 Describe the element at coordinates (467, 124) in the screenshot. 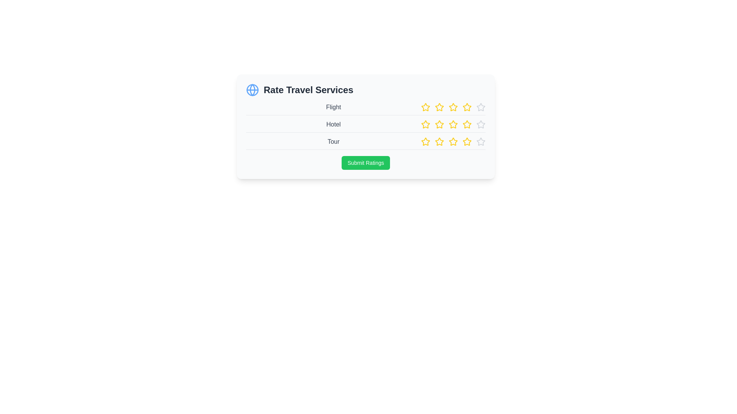

I see `the fifth Clickable Star Icon in the rating mechanism for the 'Hotel' row` at that location.